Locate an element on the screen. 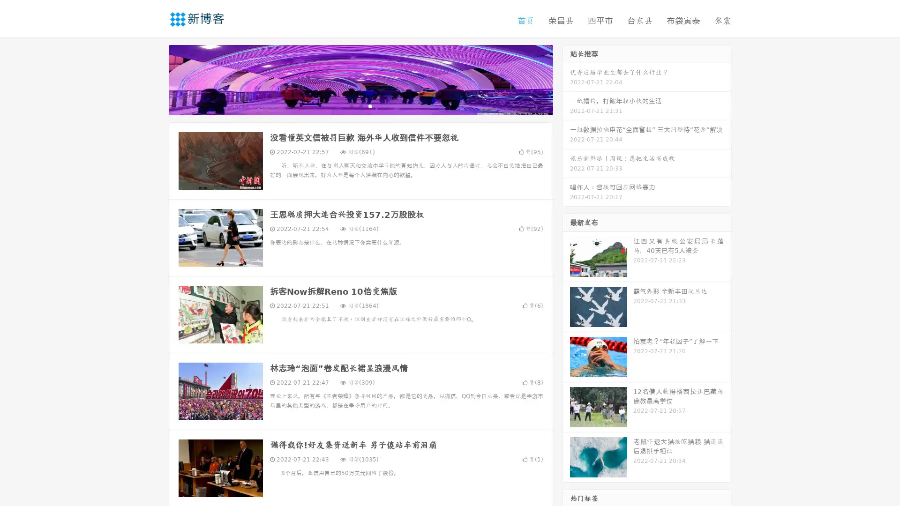 This screenshot has height=506, width=900. Go to slide 3 is located at coordinates (370, 105).